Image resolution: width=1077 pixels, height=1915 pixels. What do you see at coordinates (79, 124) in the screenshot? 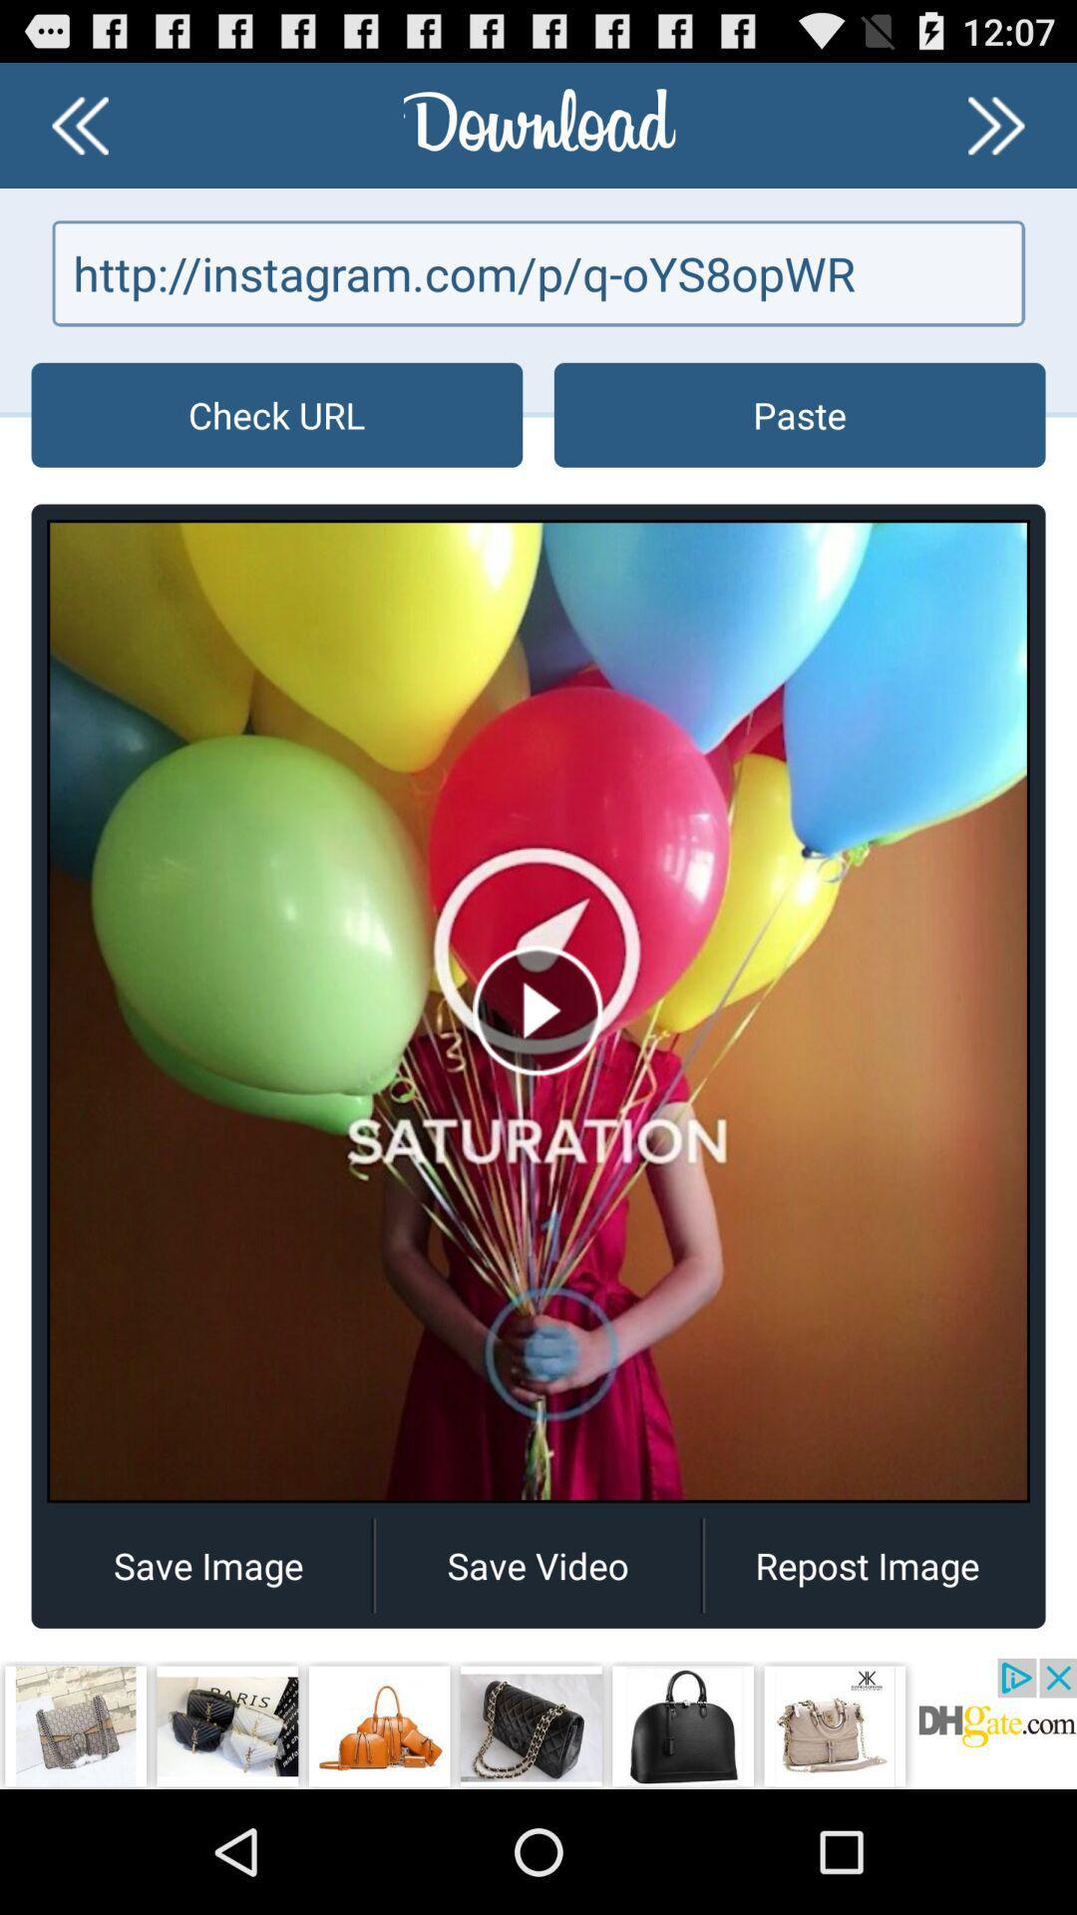
I see `back to previous page` at bounding box center [79, 124].